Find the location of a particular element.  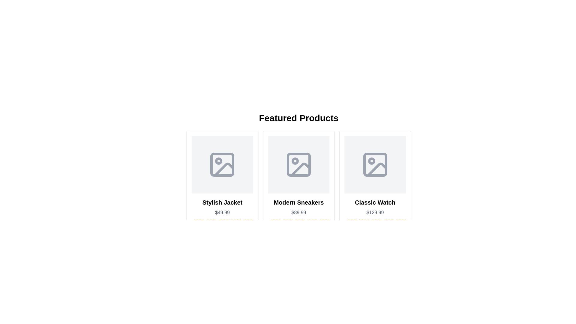

the static text element displaying the price of the 'Classic Watch', which is located beneath the item's title and above the star rating in the product card is located at coordinates (375, 212).